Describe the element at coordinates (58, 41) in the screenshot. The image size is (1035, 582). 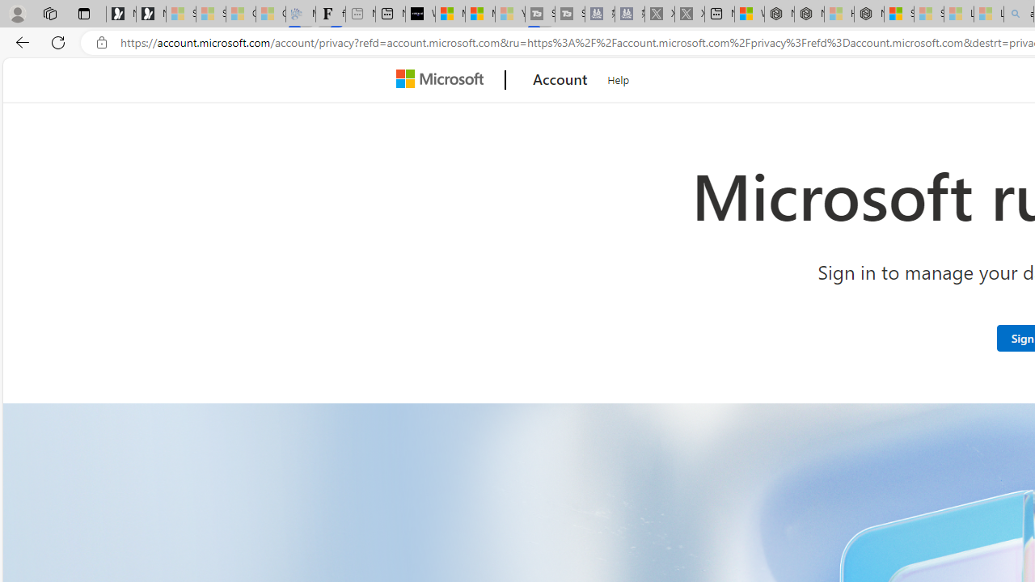
I see `'Refresh'` at that location.